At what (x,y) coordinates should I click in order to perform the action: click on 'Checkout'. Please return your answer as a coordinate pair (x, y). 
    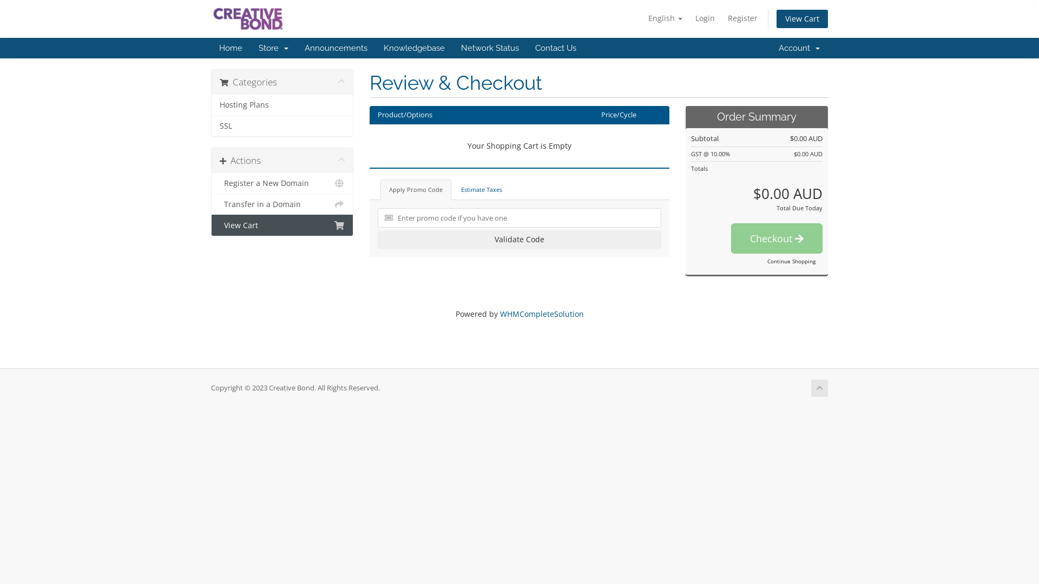
    Looking at the image, I should click on (731, 237).